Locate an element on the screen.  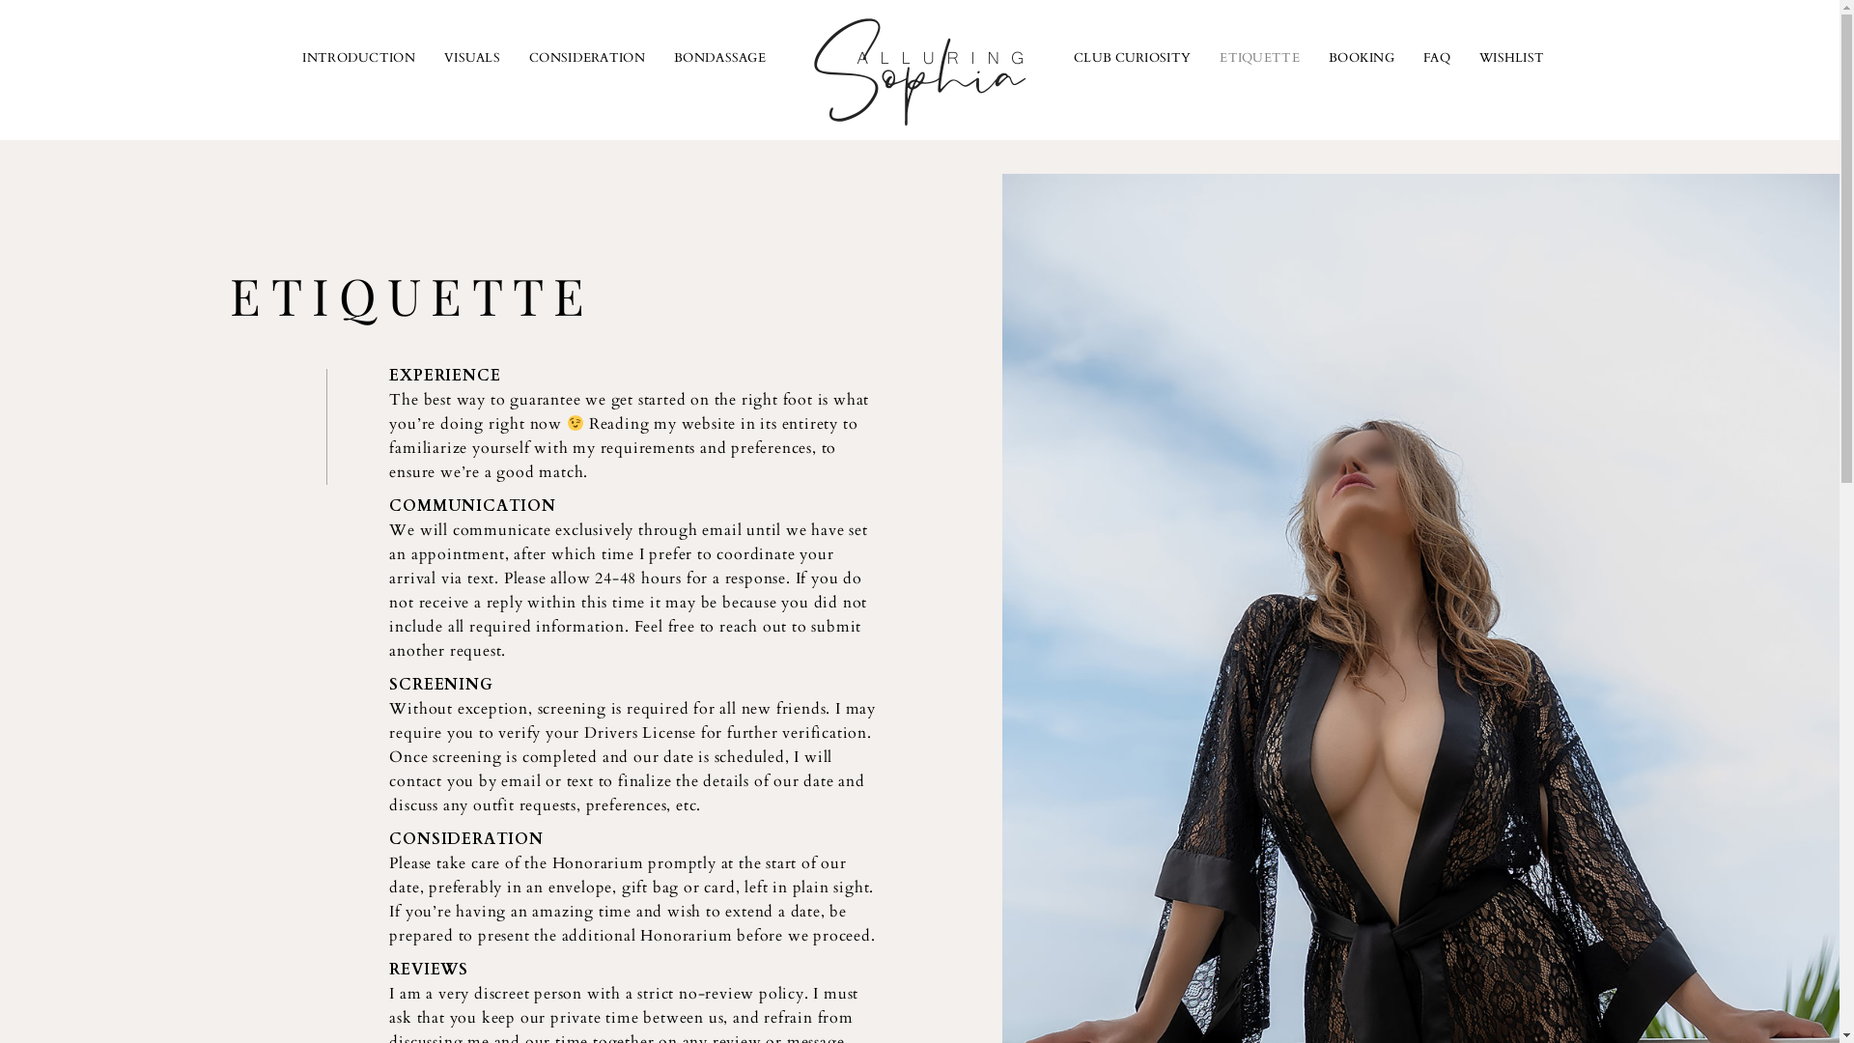
'VISUALS' is located at coordinates (472, 57).